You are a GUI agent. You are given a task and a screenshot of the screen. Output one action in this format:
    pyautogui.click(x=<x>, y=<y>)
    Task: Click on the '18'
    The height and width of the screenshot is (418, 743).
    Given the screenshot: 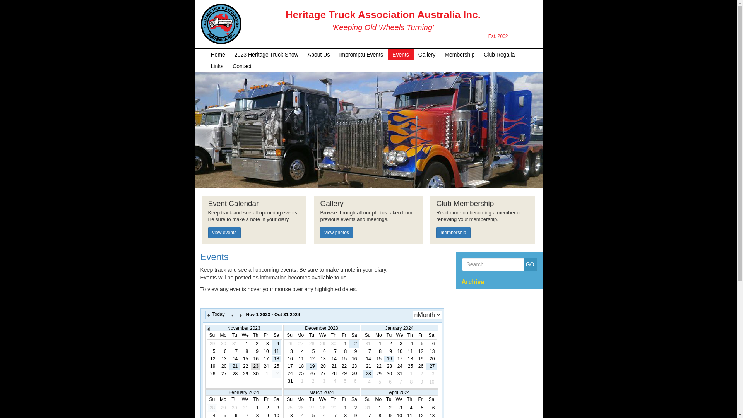 What is the action you would take?
    pyautogui.click(x=276, y=359)
    